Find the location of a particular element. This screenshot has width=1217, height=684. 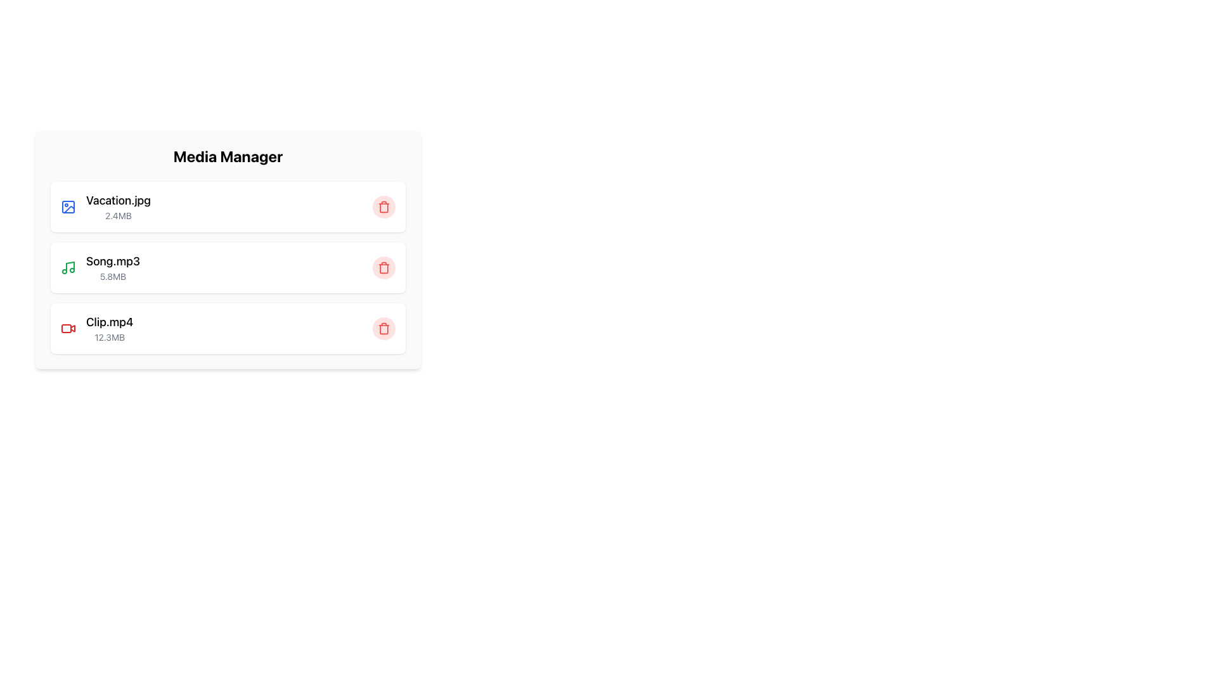

the main body part of the trash bin icon located within the delete button of the third item, 'Clip.mp4', in the interface is located at coordinates (383, 329).